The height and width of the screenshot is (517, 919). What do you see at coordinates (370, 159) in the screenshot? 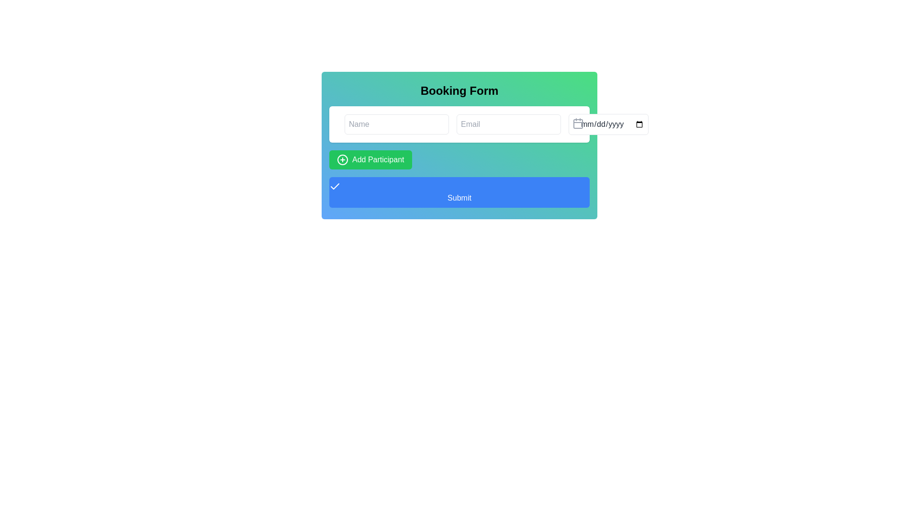
I see `the button located below the 'Name' and 'Email' input fields in the 'Booking Form' interface` at bounding box center [370, 159].